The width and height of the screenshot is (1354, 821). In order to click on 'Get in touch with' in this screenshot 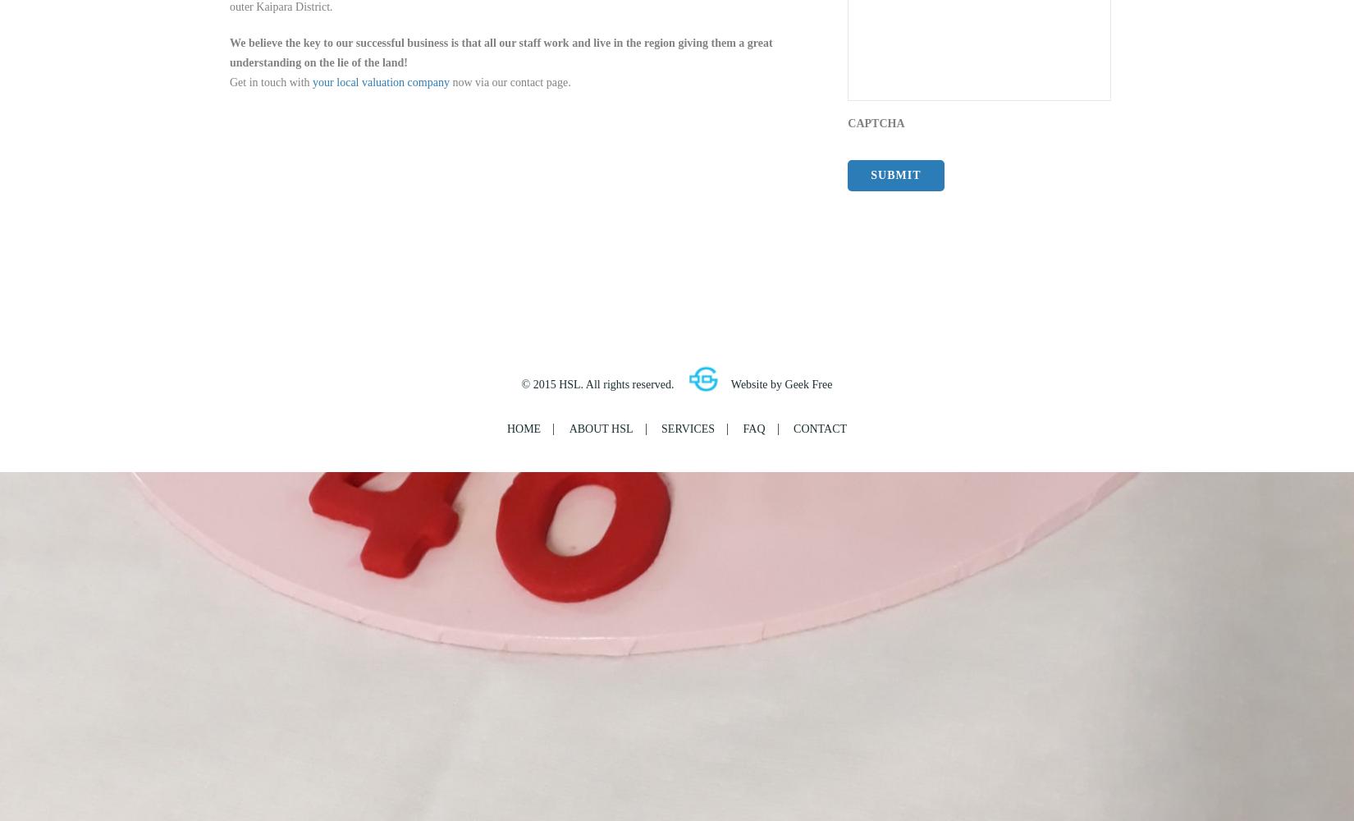, I will do `click(230, 81)`.